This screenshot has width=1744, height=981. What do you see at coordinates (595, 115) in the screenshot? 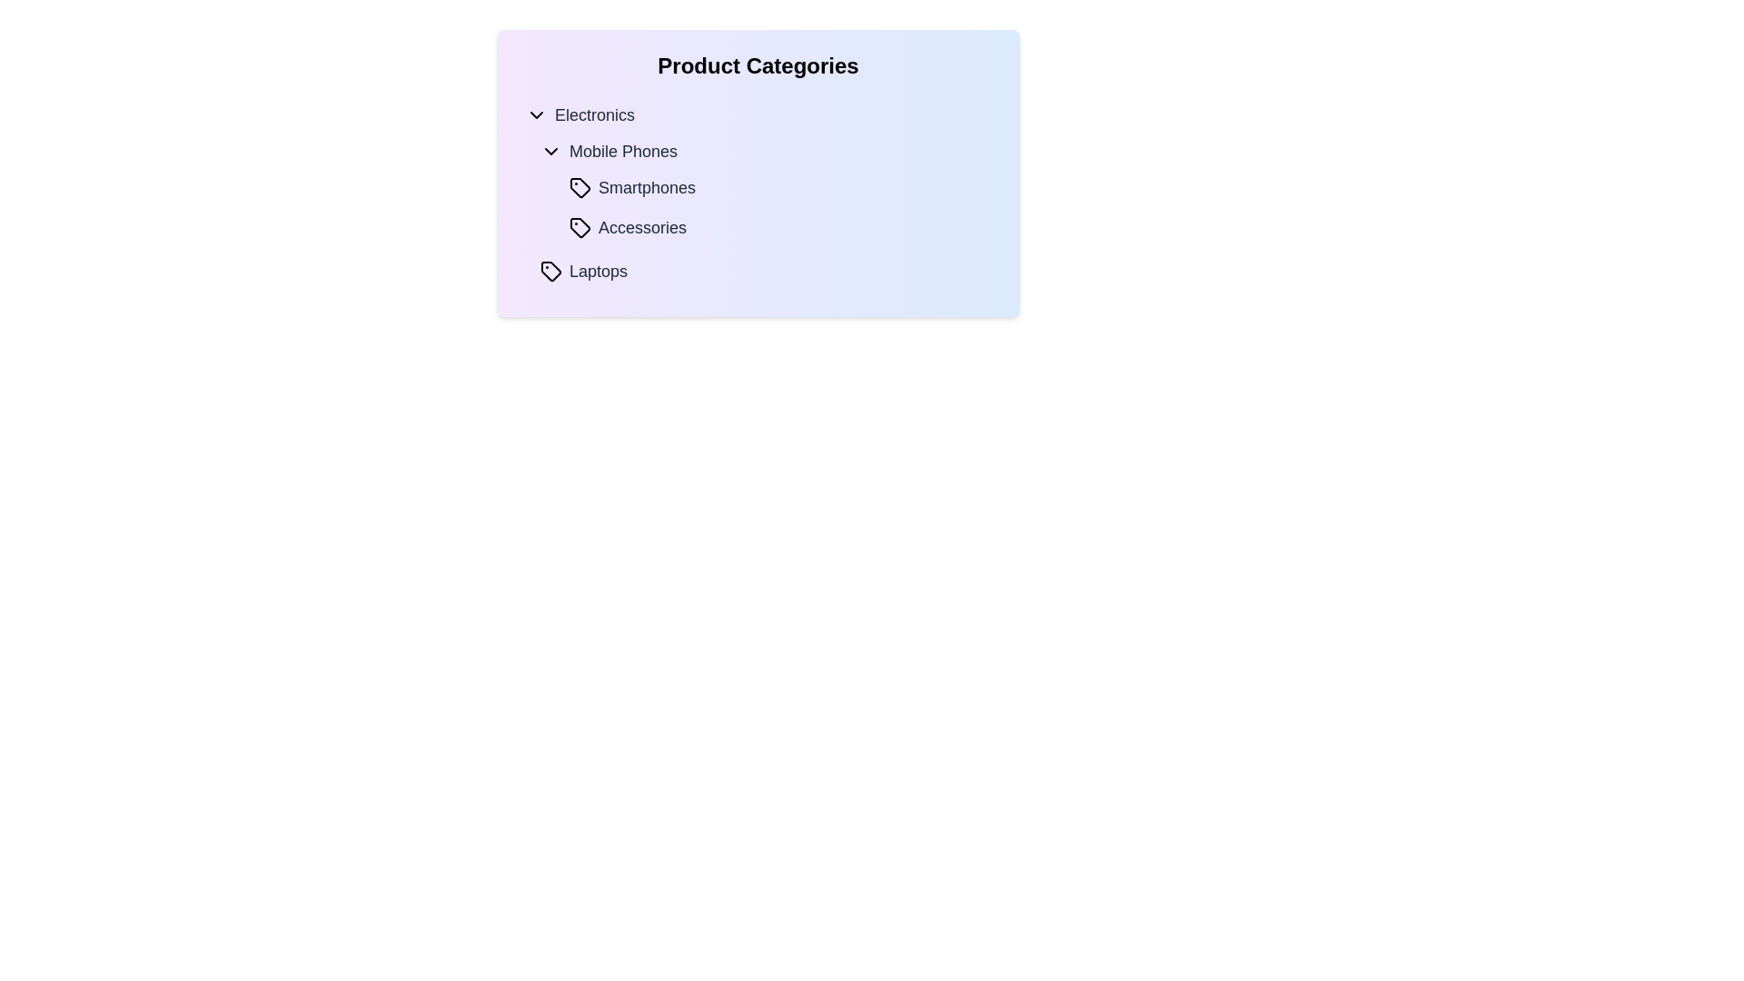
I see `the 'Electronics' category label, which is the first item in the vertical menu under 'Product Categories', adjacent to a chevron icon` at bounding box center [595, 115].